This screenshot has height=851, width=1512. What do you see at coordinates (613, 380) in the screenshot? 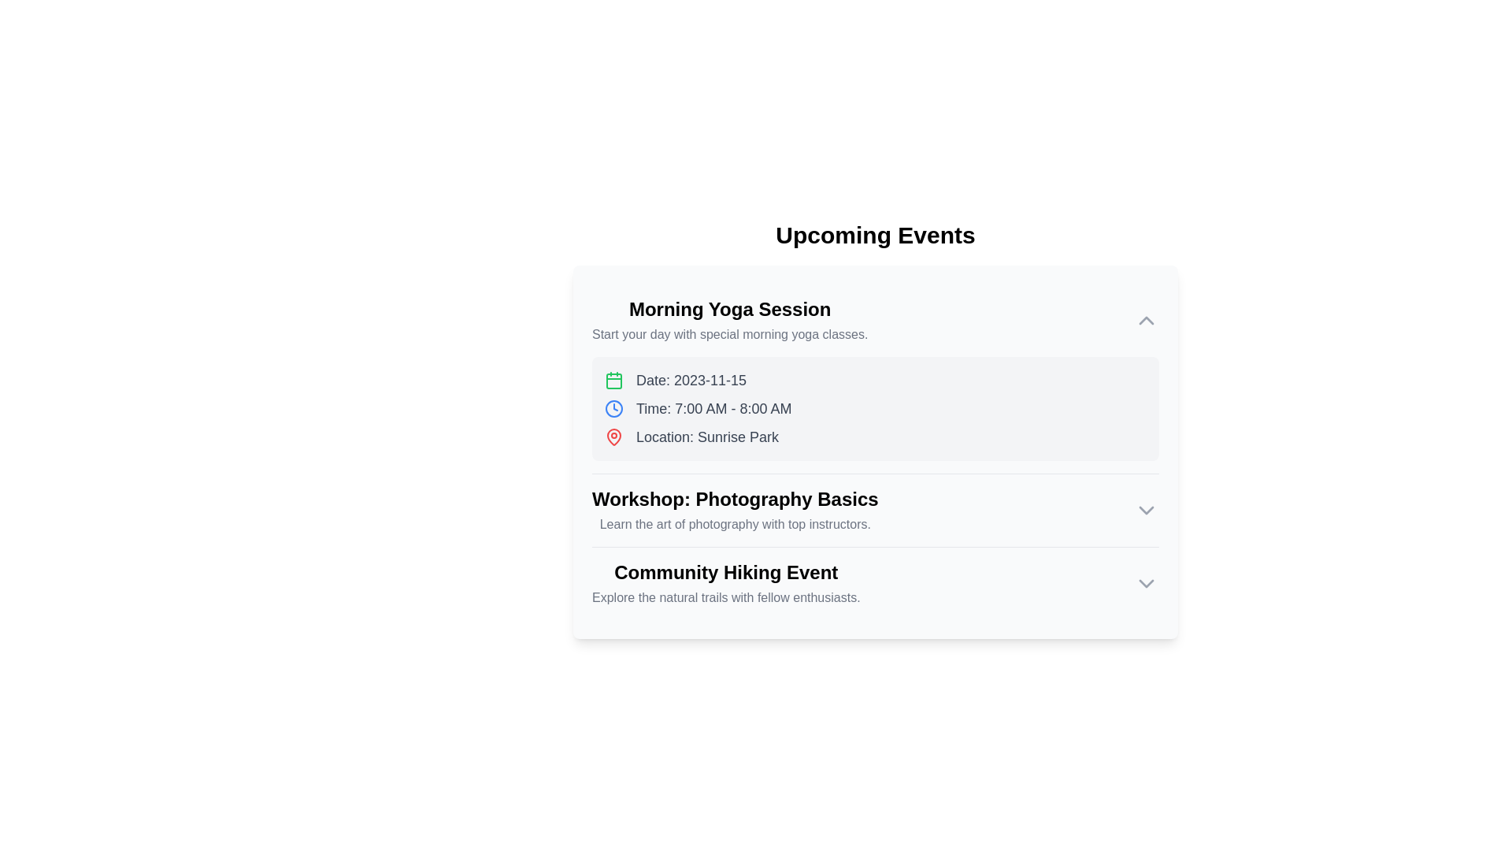
I see `the styling of the calendar icon located in the 'Morning Yoga Session' section, which is the first icon preceding the text 'Date: 2023-11-15'` at bounding box center [613, 380].